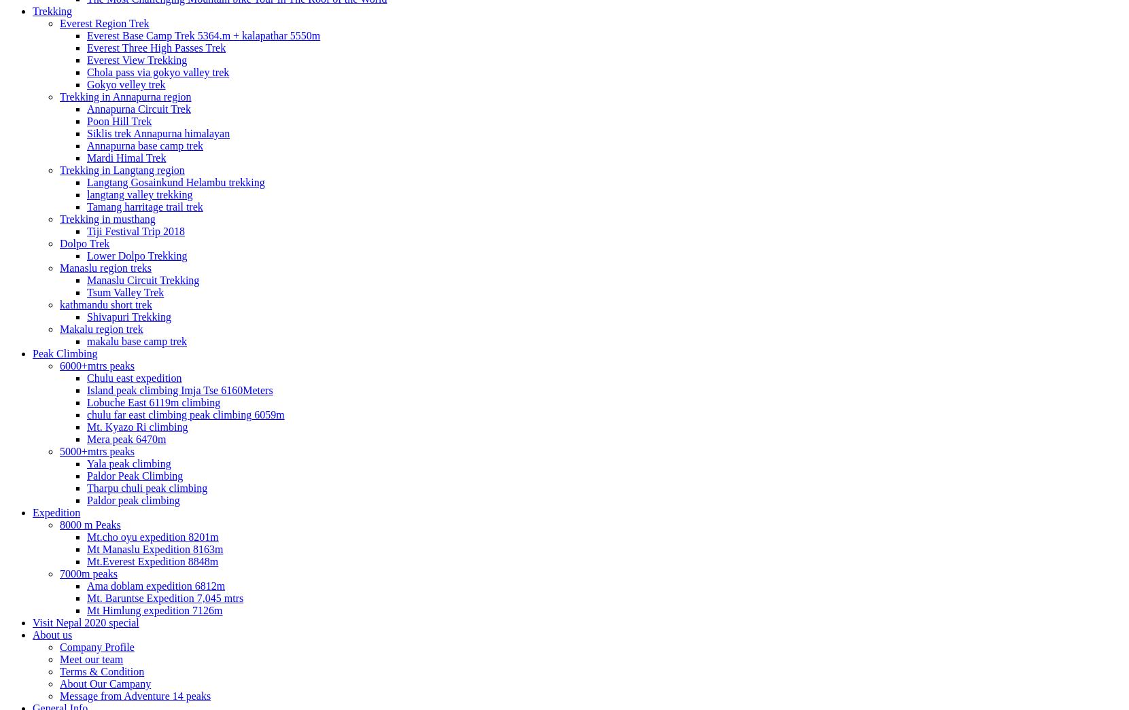 This screenshot has width=1129, height=710. Describe the element at coordinates (87, 145) in the screenshot. I see `'Annapurna base camp trek'` at that location.